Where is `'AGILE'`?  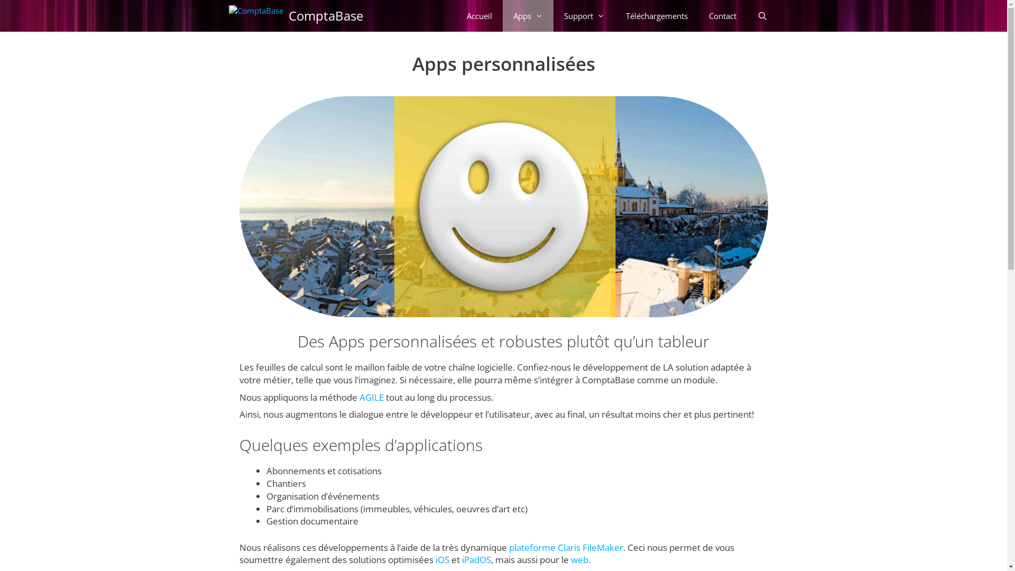 'AGILE' is located at coordinates (371, 397).